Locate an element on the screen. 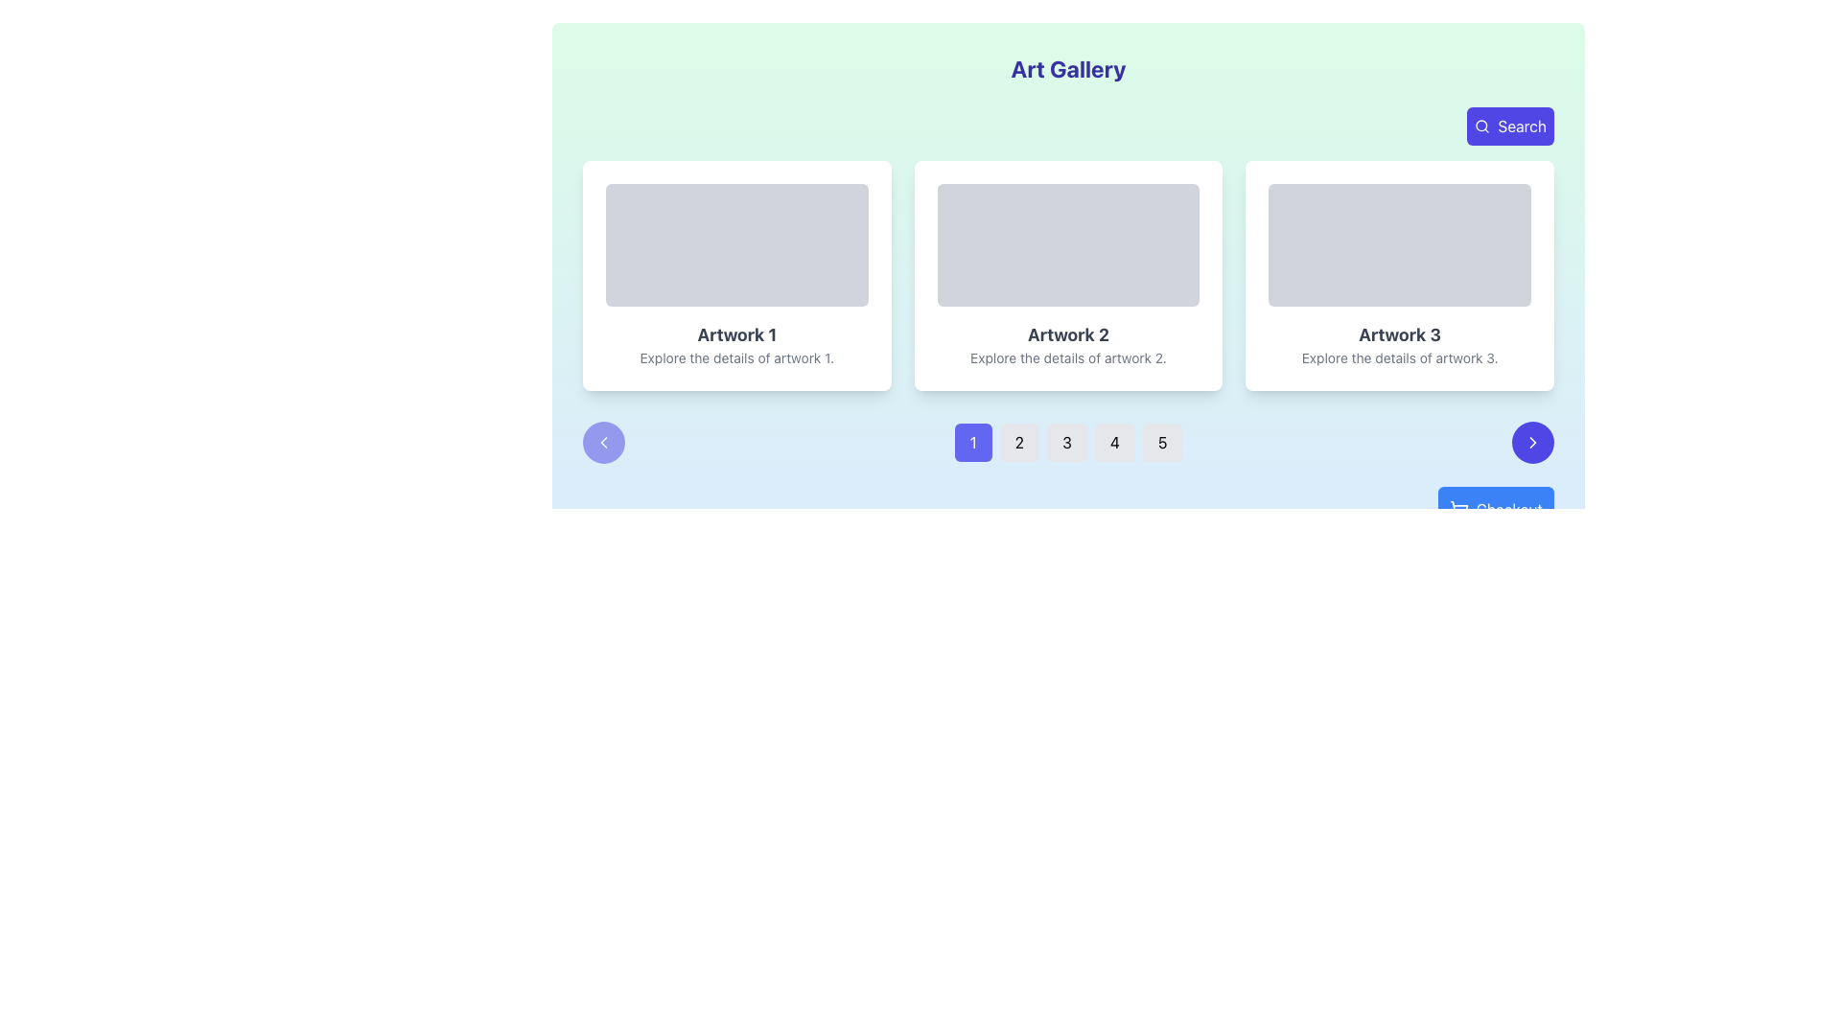 This screenshot has height=1035, width=1841. the pagination button for the fifth page, located at the bottom center of the interface is located at coordinates (1161, 443).